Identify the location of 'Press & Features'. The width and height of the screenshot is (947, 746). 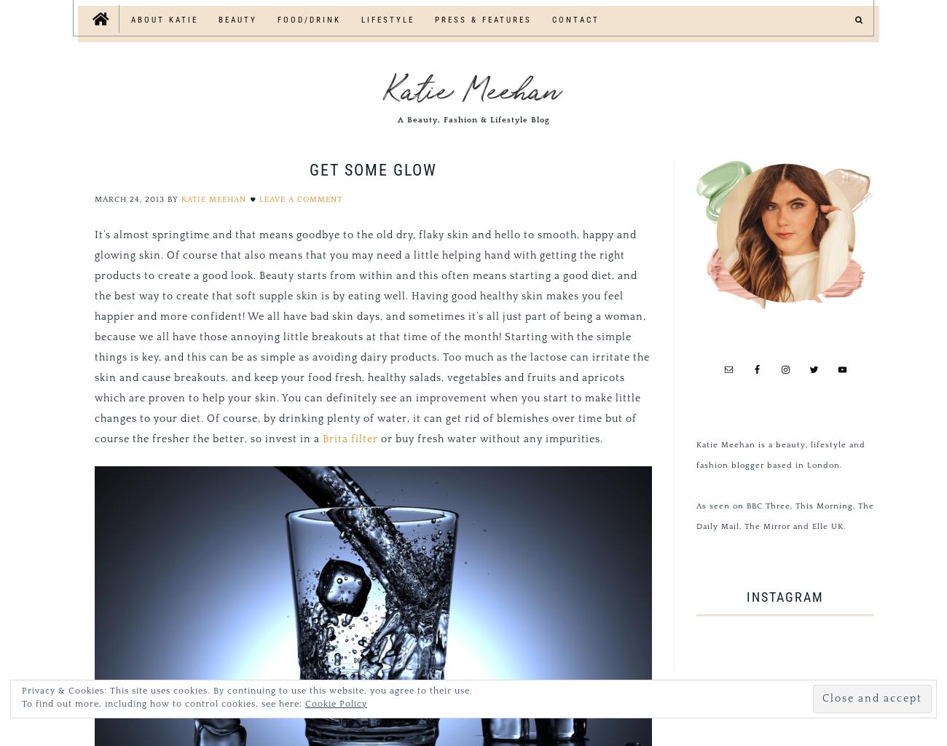
(482, 20).